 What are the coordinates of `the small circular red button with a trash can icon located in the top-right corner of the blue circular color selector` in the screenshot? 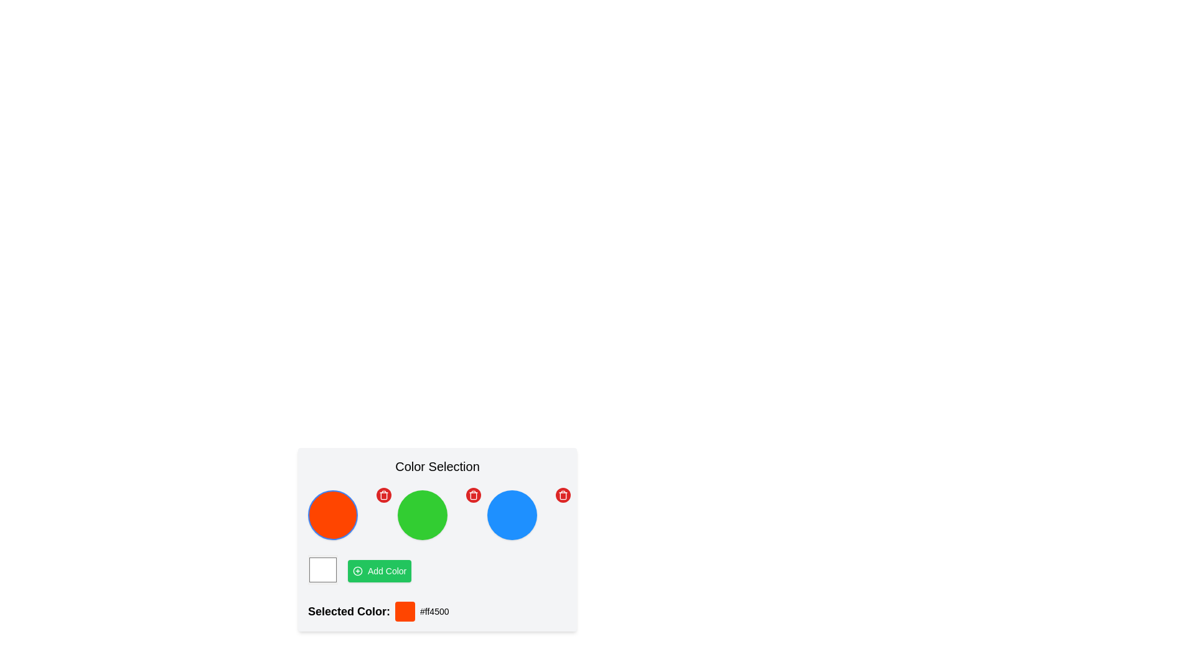 It's located at (563, 494).